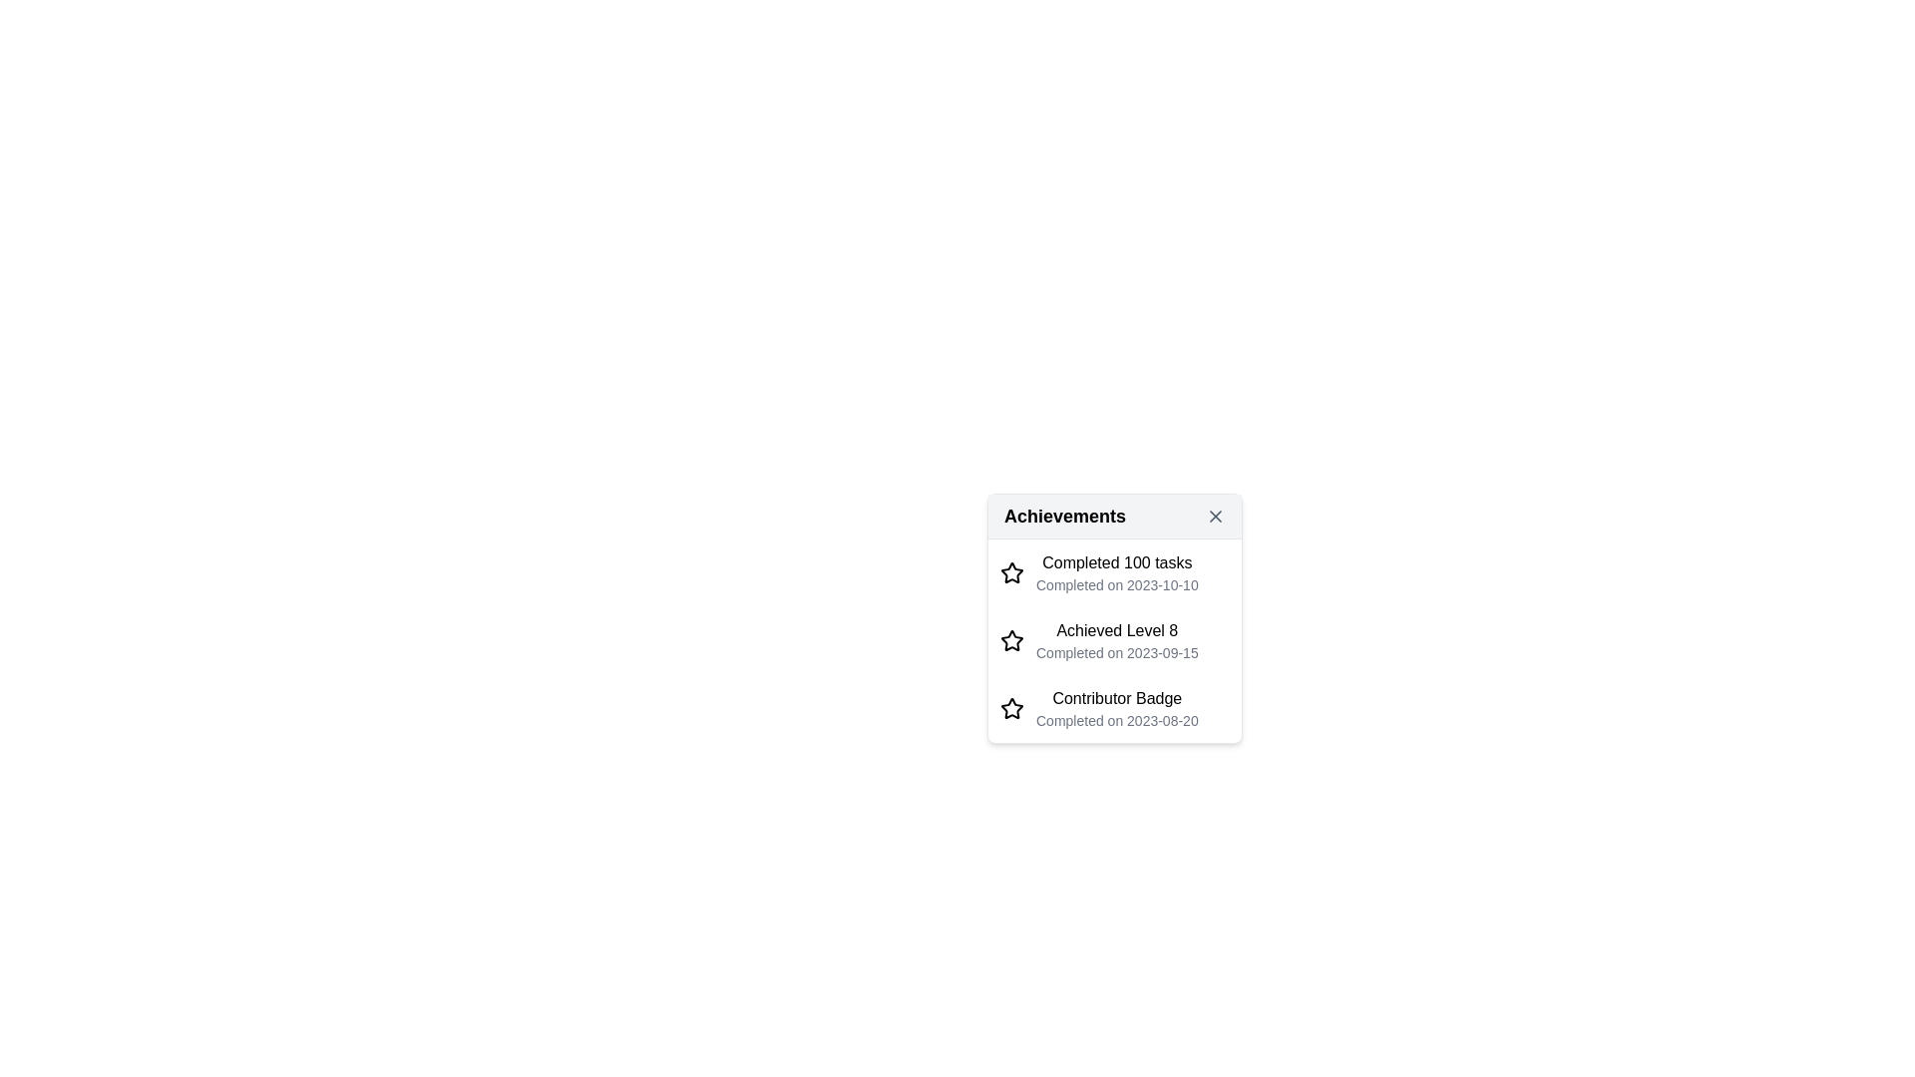  Describe the element at coordinates (1117, 640) in the screenshot. I see `the Text Display with Multiple Lines that shows 'Achieved Level 8' and 'Completed on 2023-09-15', located in the Achievements panel` at that location.